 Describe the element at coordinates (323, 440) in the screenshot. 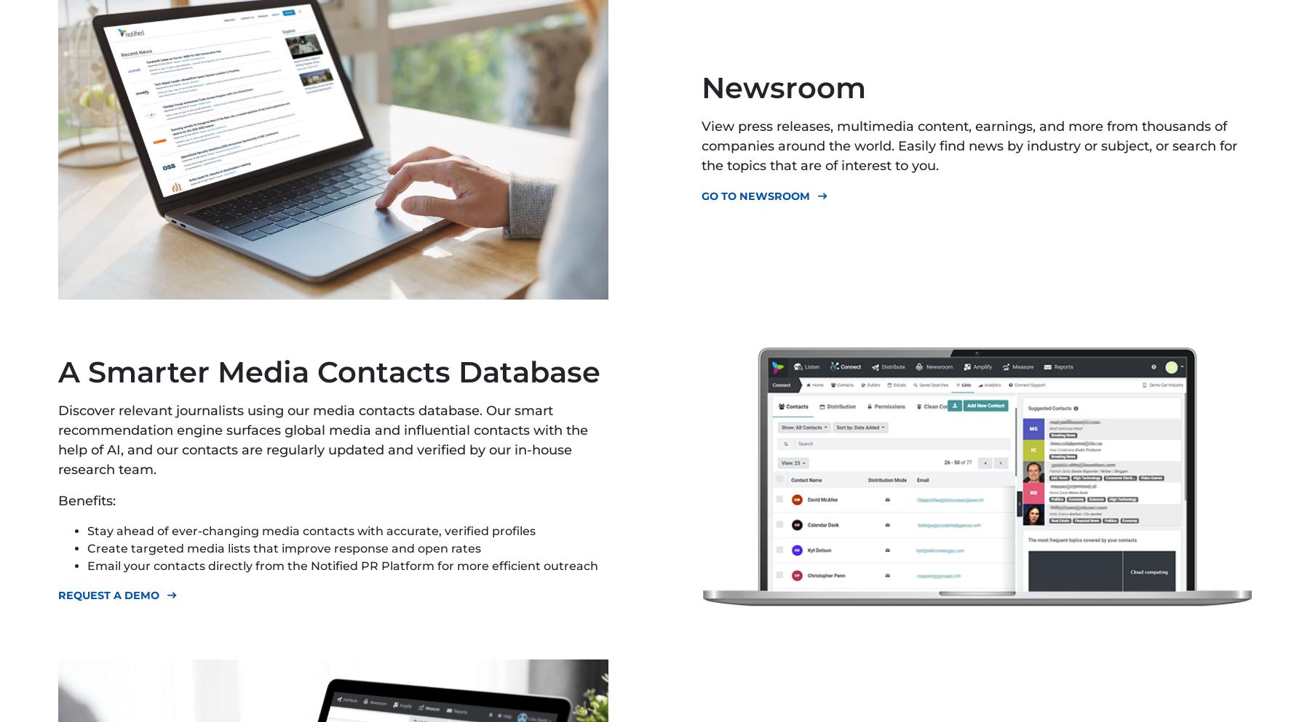

I see `'Discover relevant journalists using our media contacts database. Our smart recommendation engine surfaces global media and influential contacts with the help of AI, and our contacts are regularly updated and verified by our in-house research team.'` at that location.